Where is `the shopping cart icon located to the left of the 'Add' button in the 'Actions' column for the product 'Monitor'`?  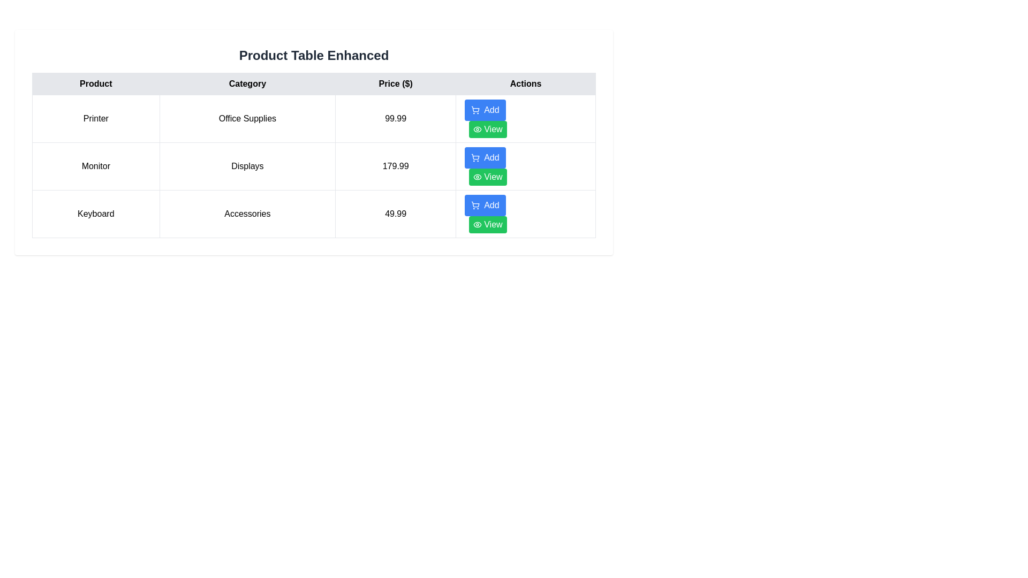 the shopping cart icon located to the left of the 'Add' button in the 'Actions' column for the product 'Monitor' is located at coordinates (475, 157).